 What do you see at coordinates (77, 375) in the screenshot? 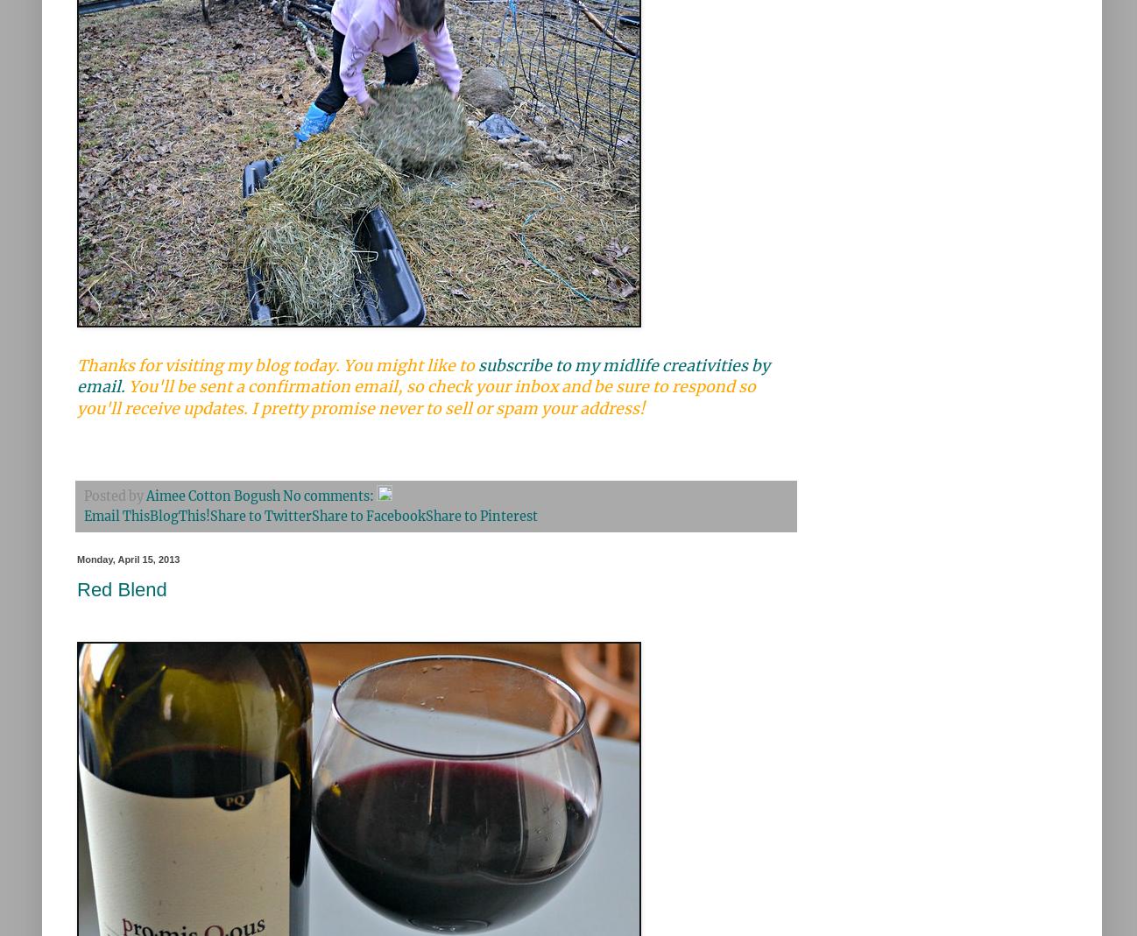
I see `'subscribe to my midlife creativities by email.'` at bounding box center [77, 375].